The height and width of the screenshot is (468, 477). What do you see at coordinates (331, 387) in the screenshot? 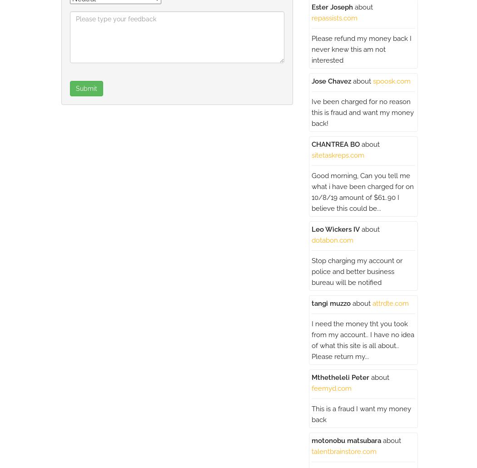
I see `'feemyd.com'` at bounding box center [331, 387].